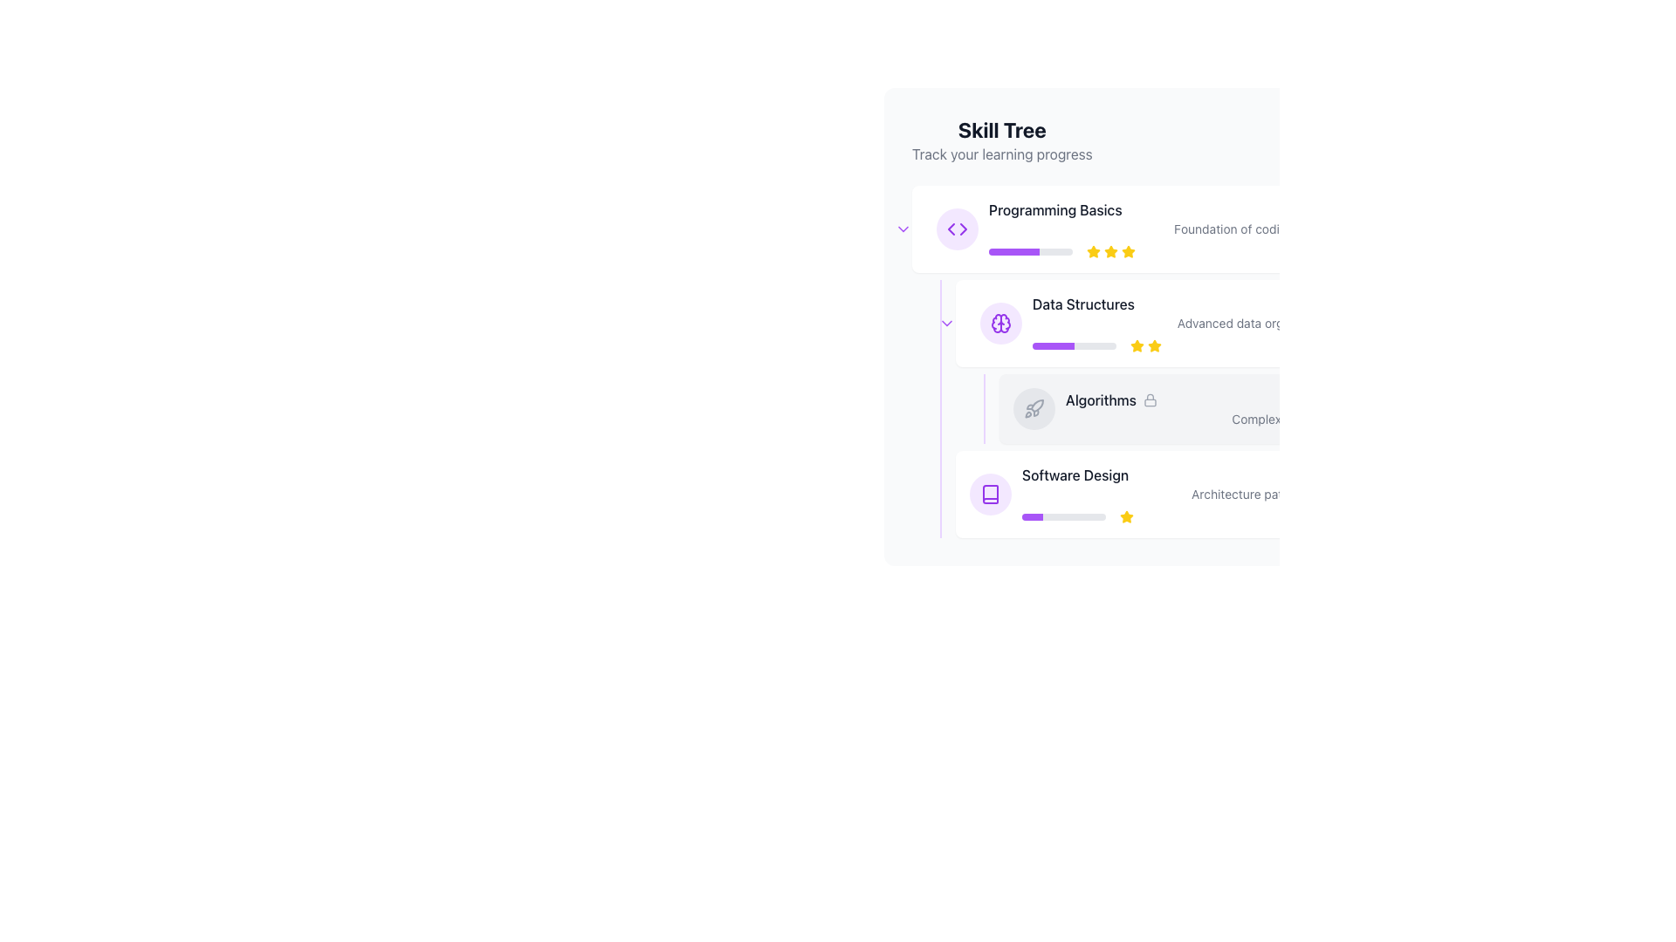 The image size is (1676, 942). I want to click on the 'Data Structures' skill card in the skill tree interface, which is the second card in the vertical list, positioned between 'Programming Basics' and 'Algorithms', so click(1254, 323).